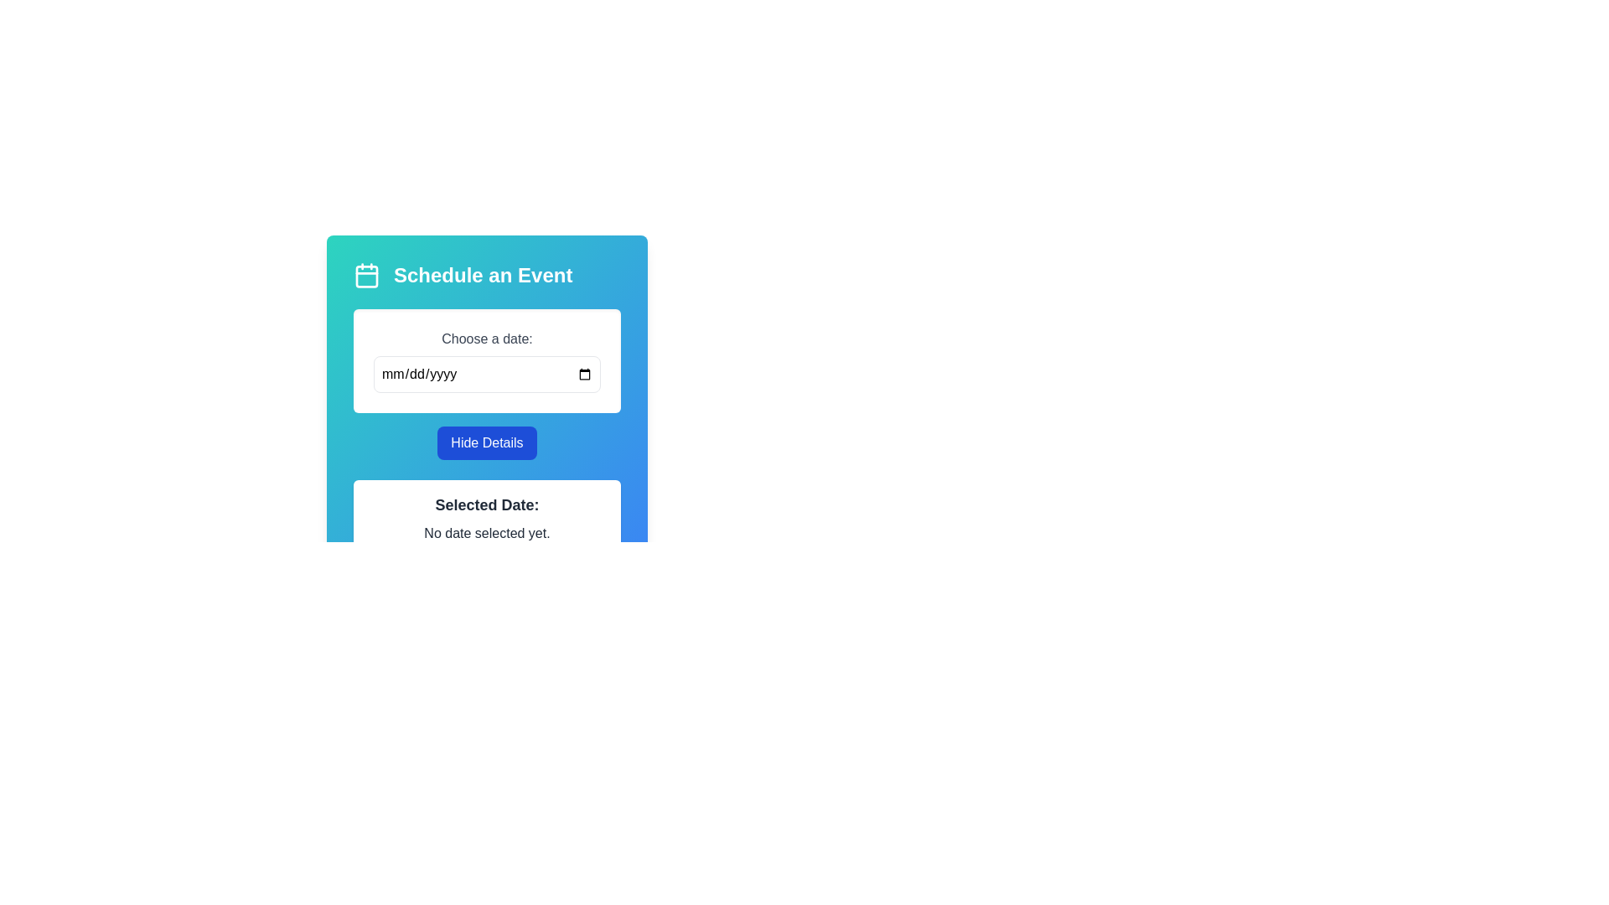 The height and width of the screenshot is (905, 1609). Describe the element at coordinates (486, 442) in the screenshot. I see `the rectangular button with a blue background labeled 'Hide Details' to observe its hover effects` at that location.